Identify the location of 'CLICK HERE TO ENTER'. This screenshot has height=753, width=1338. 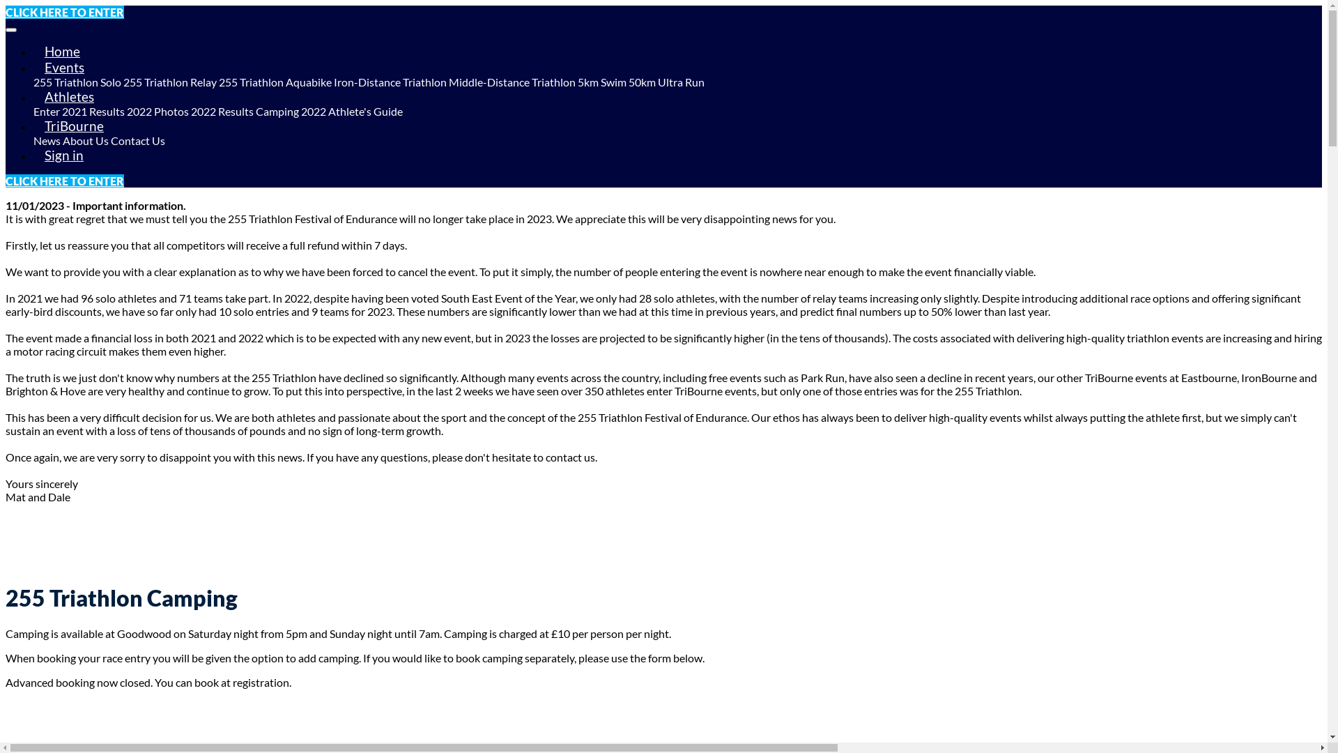
(63, 12).